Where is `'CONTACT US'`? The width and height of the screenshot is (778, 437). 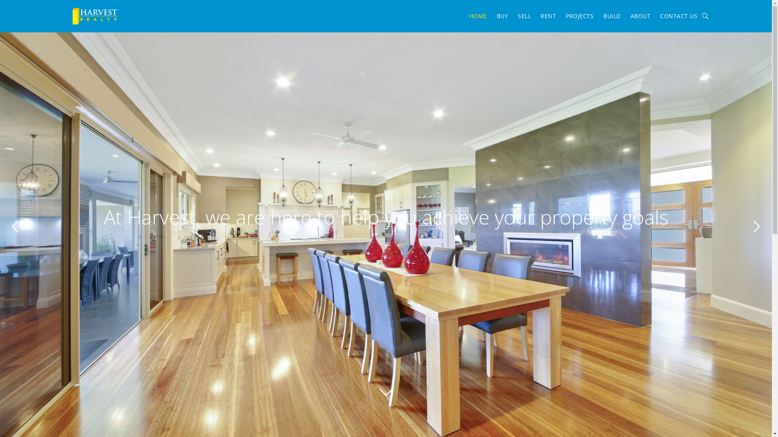 'CONTACT US' is located at coordinates (679, 16).